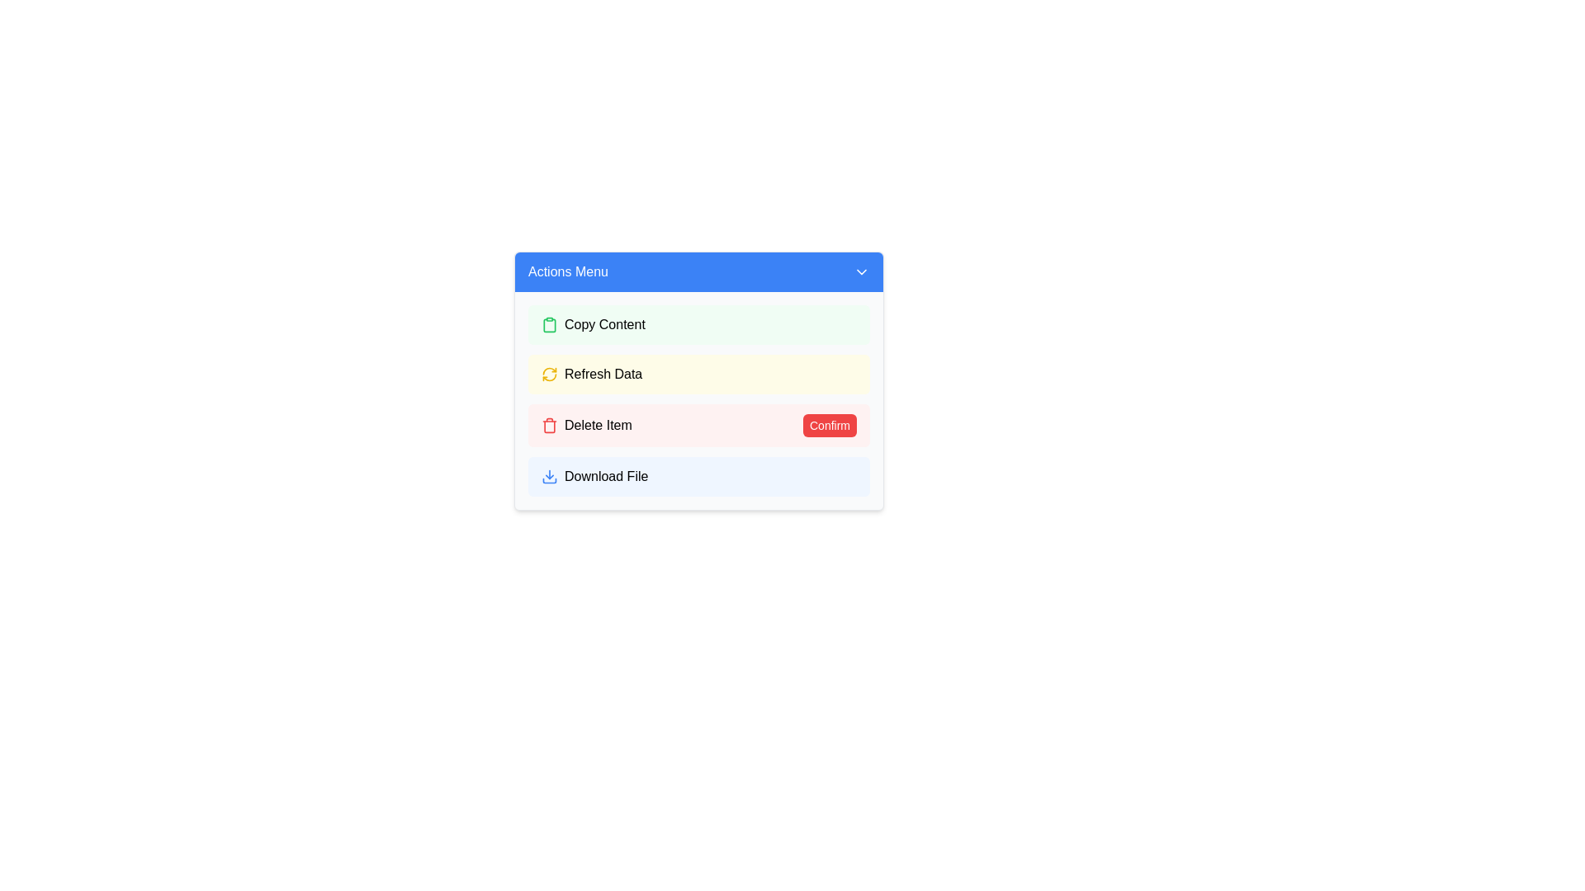 This screenshot has height=891, width=1585. I want to click on the rectangular portion of the 'Download File' icon, which is styled in blue and located at the bottom left of the icon, to initiate the download option, so click(550, 480).